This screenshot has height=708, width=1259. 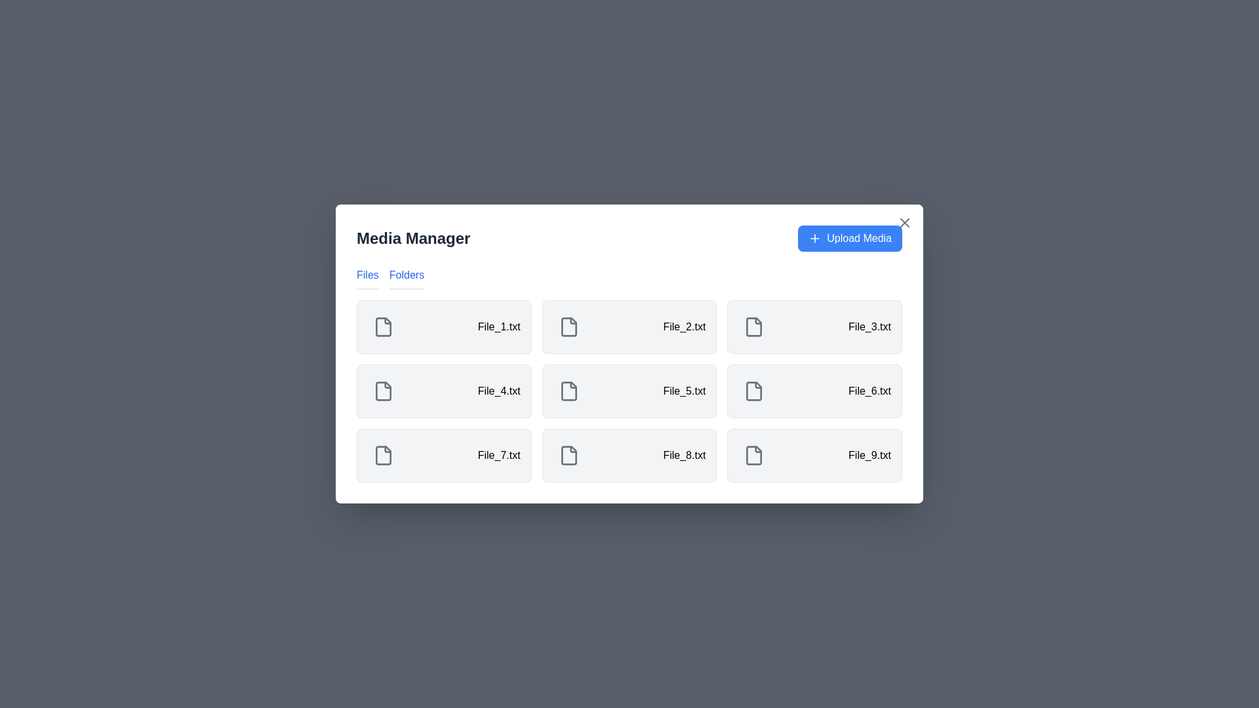 What do you see at coordinates (629, 391) in the screenshot?
I see `the Card element representing a file entry` at bounding box center [629, 391].